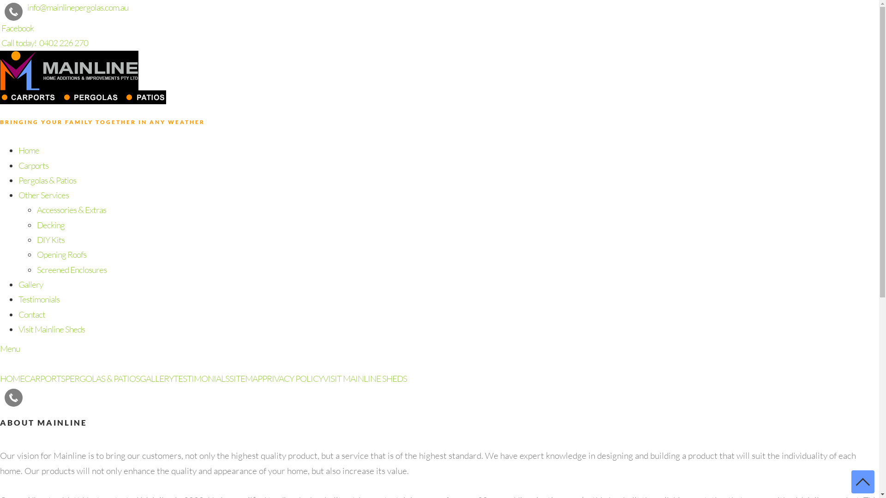 Image resolution: width=886 pixels, height=498 pixels. Describe the element at coordinates (18, 28) in the screenshot. I see `'Facebook'` at that location.